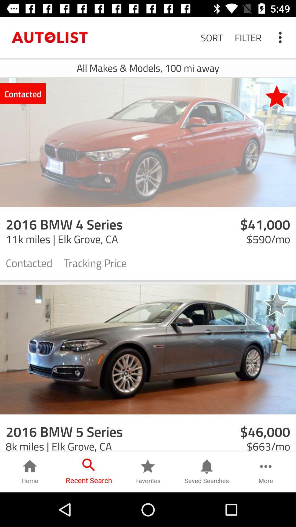 The width and height of the screenshot is (296, 527). What do you see at coordinates (95, 262) in the screenshot?
I see `icon next to $590/mo icon` at bounding box center [95, 262].